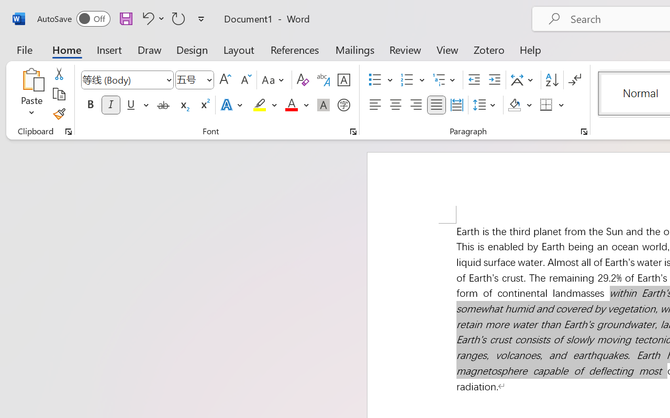 The height and width of the screenshot is (418, 670). What do you see at coordinates (291, 105) in the screenshot?
I see `'Font Color Red'` at bounding box center [291, 105].